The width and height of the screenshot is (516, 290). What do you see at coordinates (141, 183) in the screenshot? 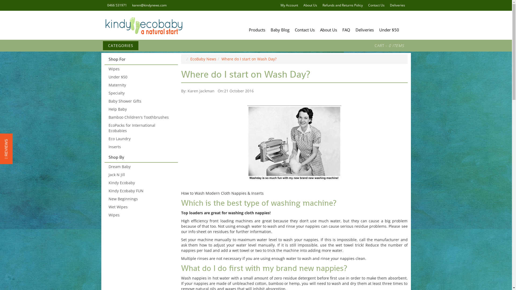
I see `'Kindy Ecobaby'` at bounding box center [141, 183].